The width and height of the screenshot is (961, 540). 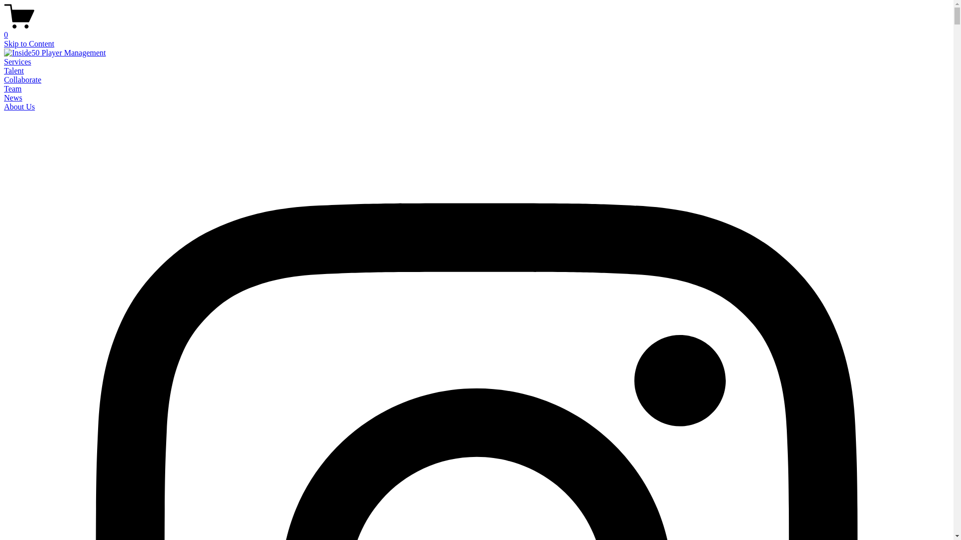 What do you see at coordinates (19, 106) in the screenshot?
I see `'About Us'` at bounding box center [19, 106].